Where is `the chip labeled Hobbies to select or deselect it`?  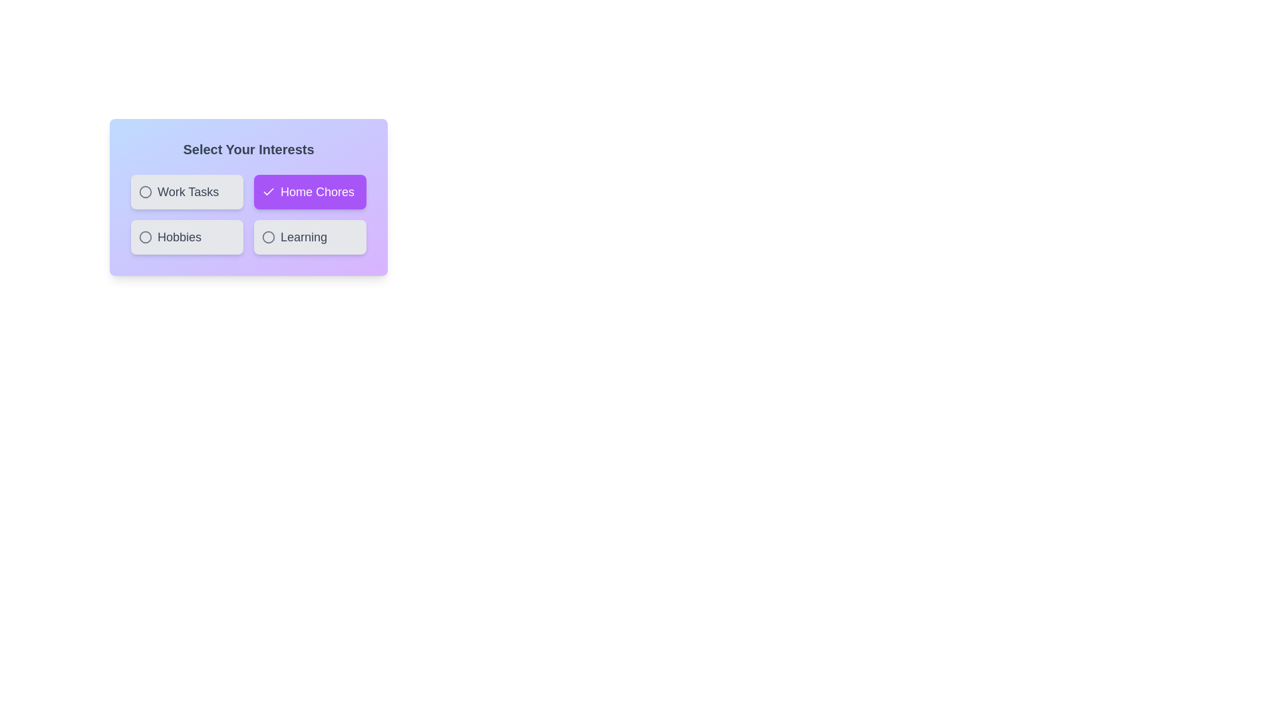 the chip labeled Hobbies to select or deselect it is located at coordinates (186, 237).